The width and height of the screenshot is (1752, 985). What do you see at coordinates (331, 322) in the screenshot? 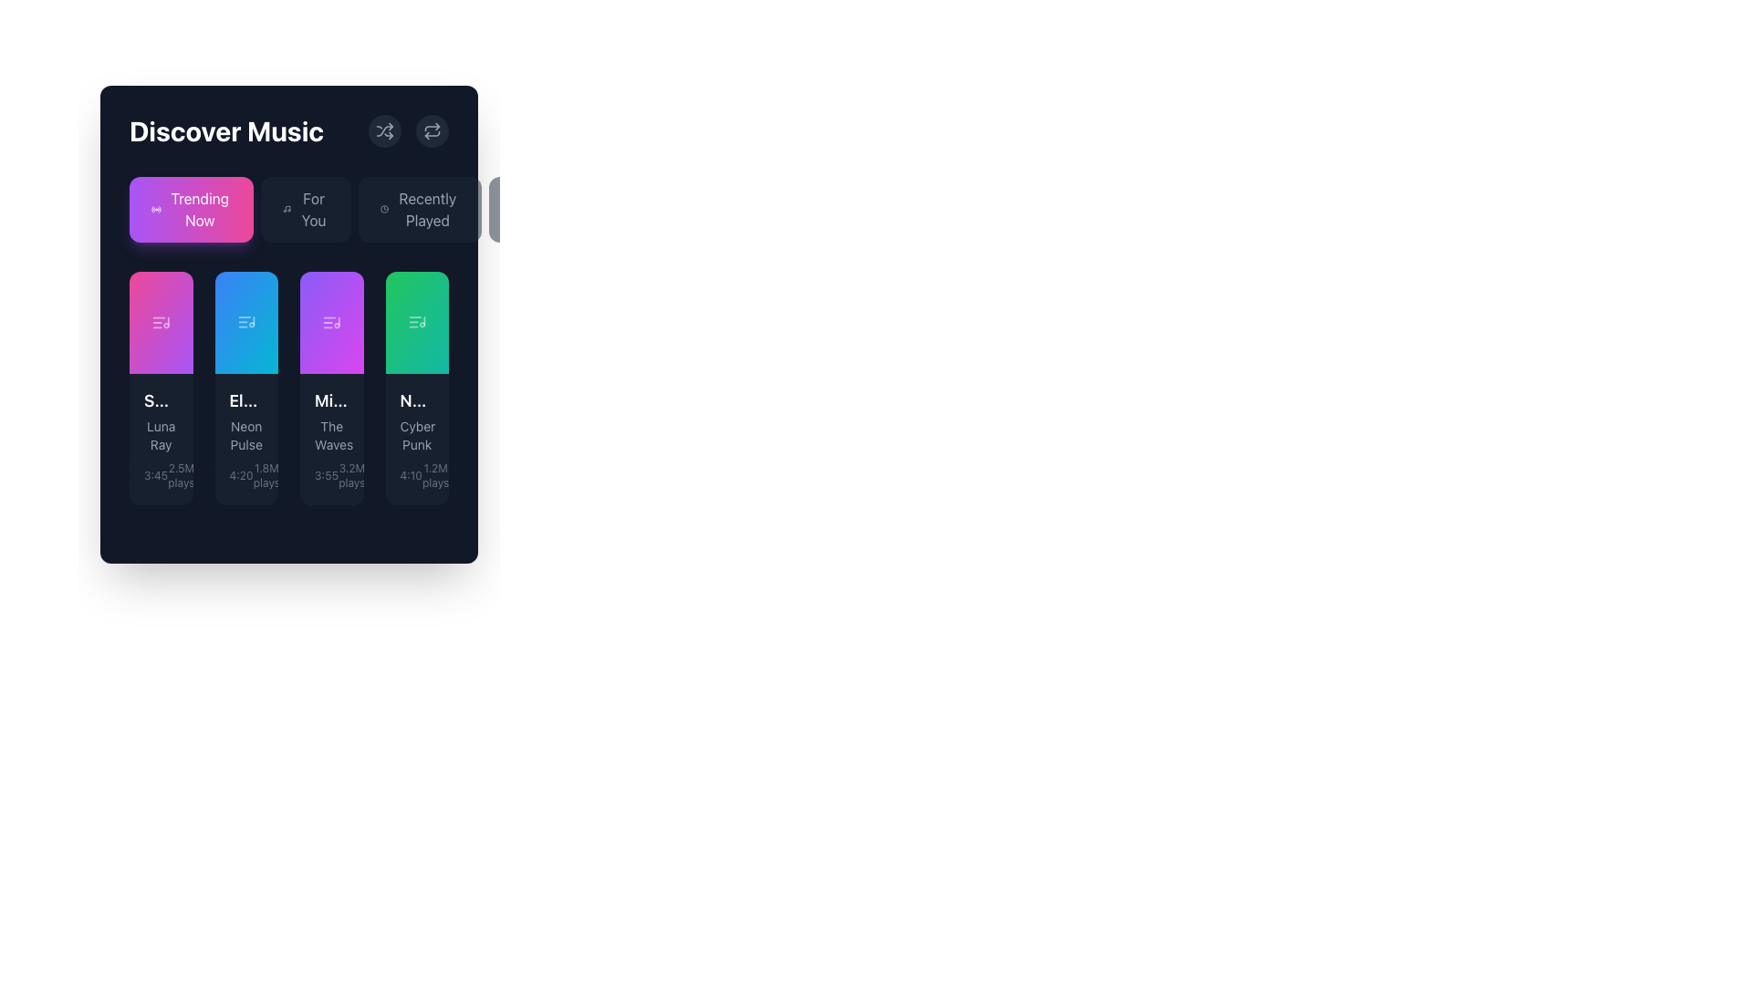
I see `the interactive visual button or card featuring a gradient background from violet to fuchsia with a central musical note icon, located in the third slot under 'Discover Music'` at bounding box center [331, 322].